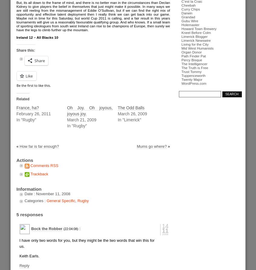 This screenshot has height=270, width=256. I want to click on 'Kneel Before Colm', so click(196, 32).